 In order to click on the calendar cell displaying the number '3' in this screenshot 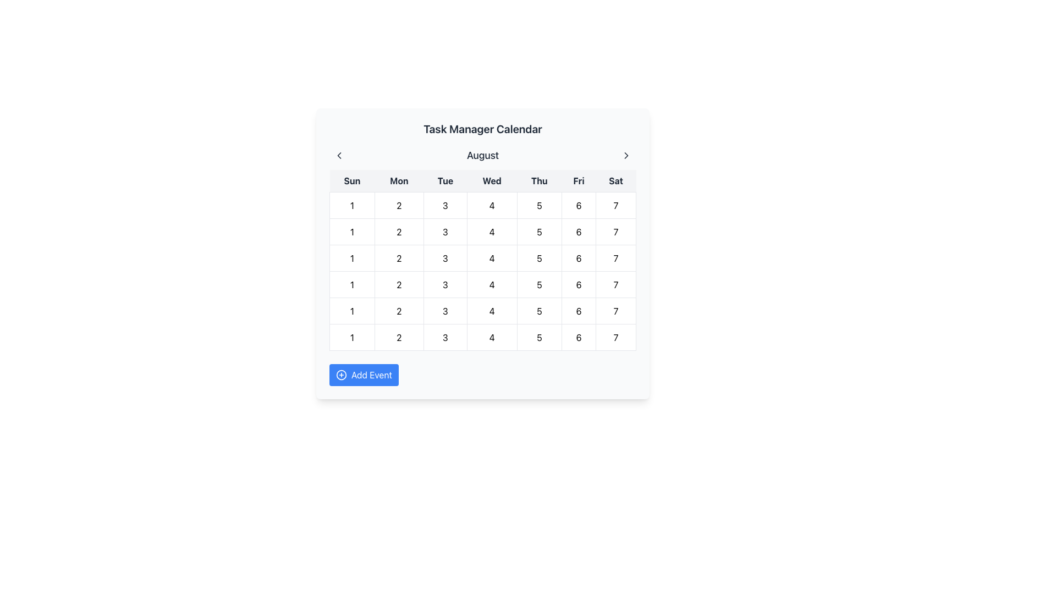, I will do `click(445, 231)`.